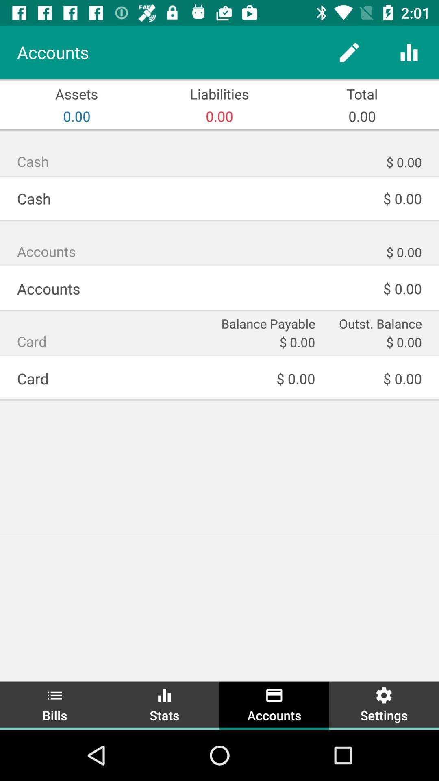 Image resolution: width=439 pixels, height=781 pixels. I want to click on the edit icon, so click(349, 52).